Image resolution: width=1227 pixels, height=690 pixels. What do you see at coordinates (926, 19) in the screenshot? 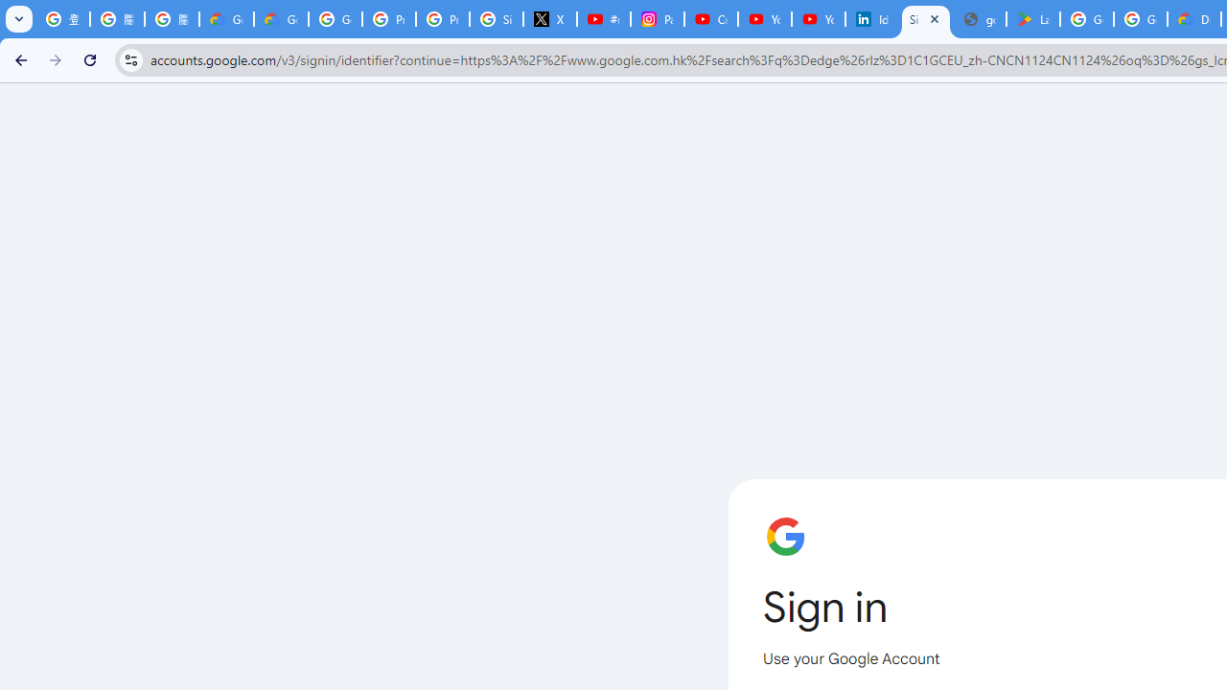
I see `'Sign in - Google Accounts'` at bounding box center [926, 19].